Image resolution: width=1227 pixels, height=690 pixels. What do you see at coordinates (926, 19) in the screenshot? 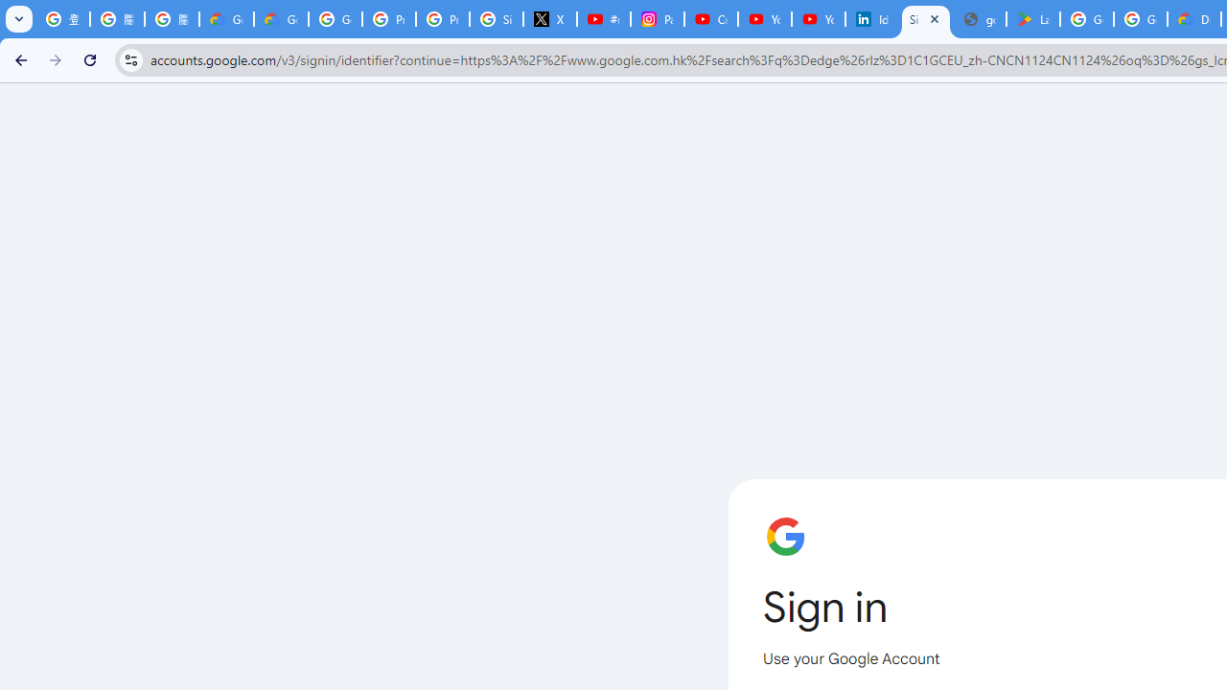
I see `'Sign in - Google Accounts'` at bounding box center [926, 19].